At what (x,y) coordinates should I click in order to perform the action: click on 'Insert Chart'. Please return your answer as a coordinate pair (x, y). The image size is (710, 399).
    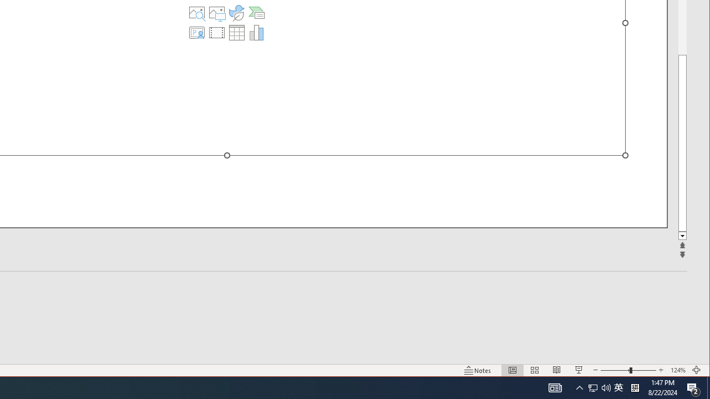
    Looking at the image, I should click on (256, 32).